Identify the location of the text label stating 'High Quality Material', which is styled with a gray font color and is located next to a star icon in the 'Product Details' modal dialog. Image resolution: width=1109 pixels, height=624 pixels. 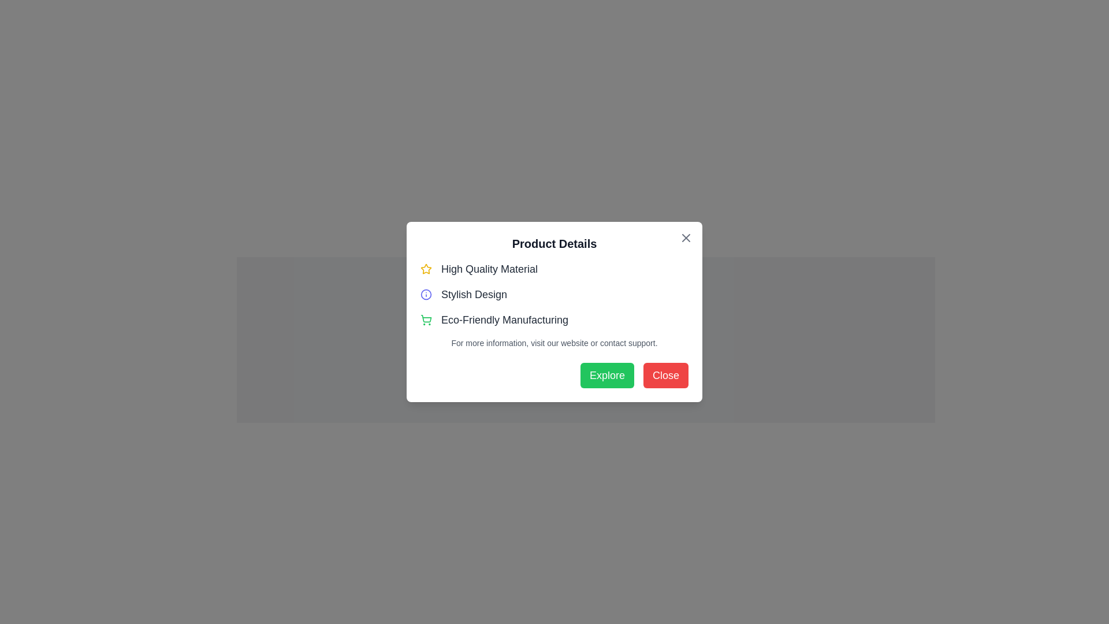
(489, 269).